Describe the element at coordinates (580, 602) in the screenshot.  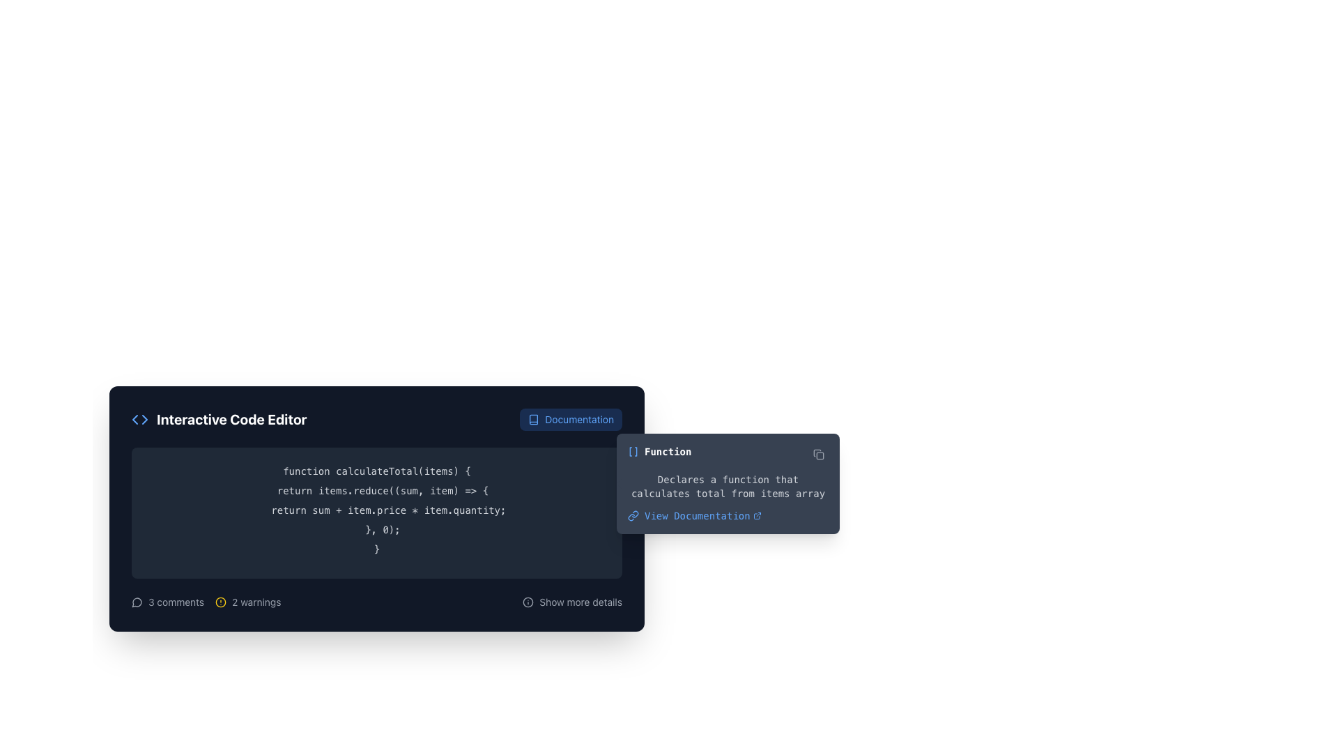
I see `the 'Show more details' text label, which is styled in light font against a dark background and located at the bottom right of the interactive code editor panel` at that location.